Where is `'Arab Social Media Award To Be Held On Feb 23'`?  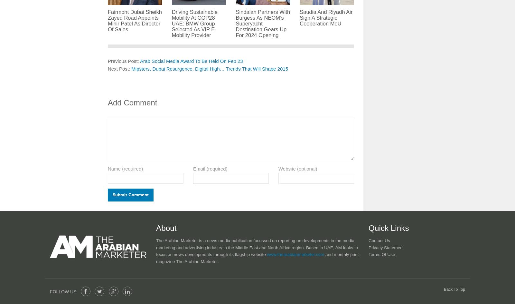 'Arab Social Media Award To Be Held On Feb 23' is located at coordinates (191, 61).